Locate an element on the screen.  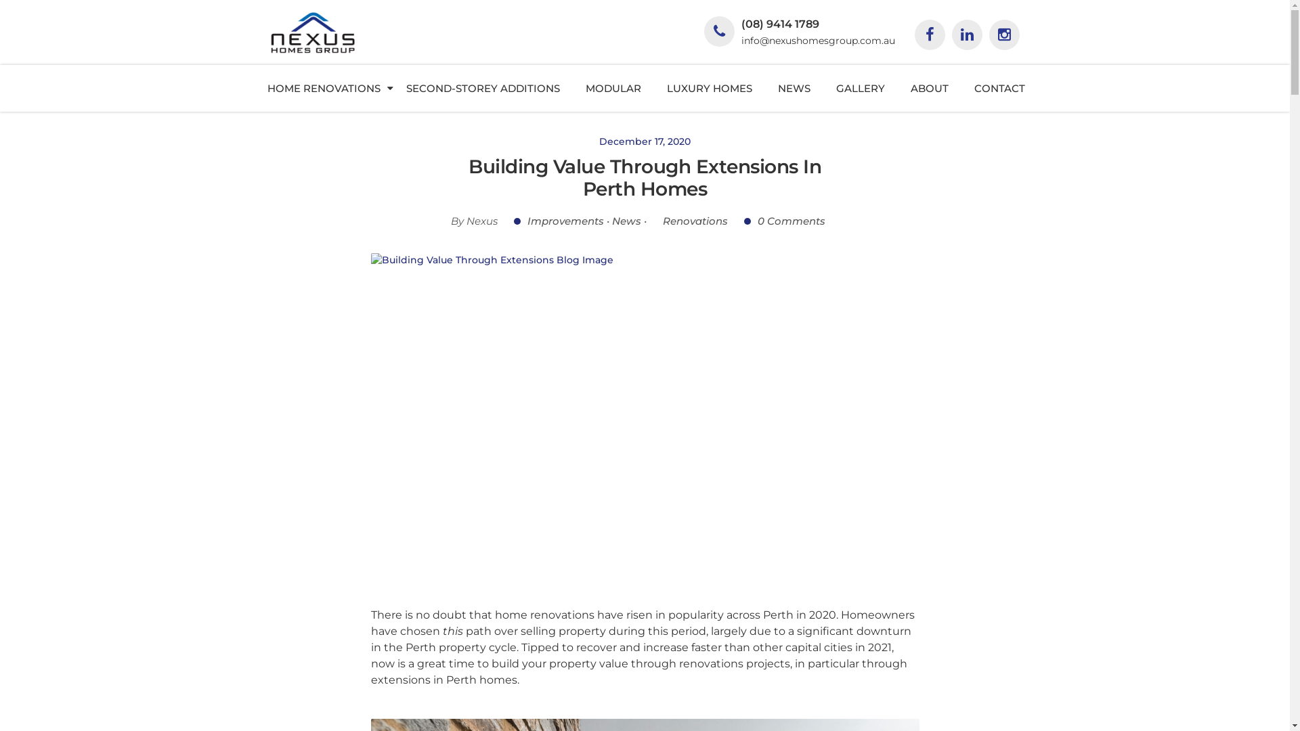
'GALLERY' is located at coordinates (822, 88).